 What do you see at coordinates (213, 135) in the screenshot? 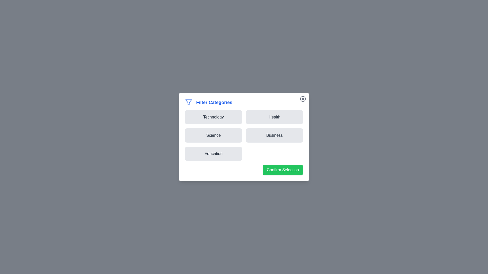
I see `the Science button to observe its hover effect` at bounding box center [213, 135].